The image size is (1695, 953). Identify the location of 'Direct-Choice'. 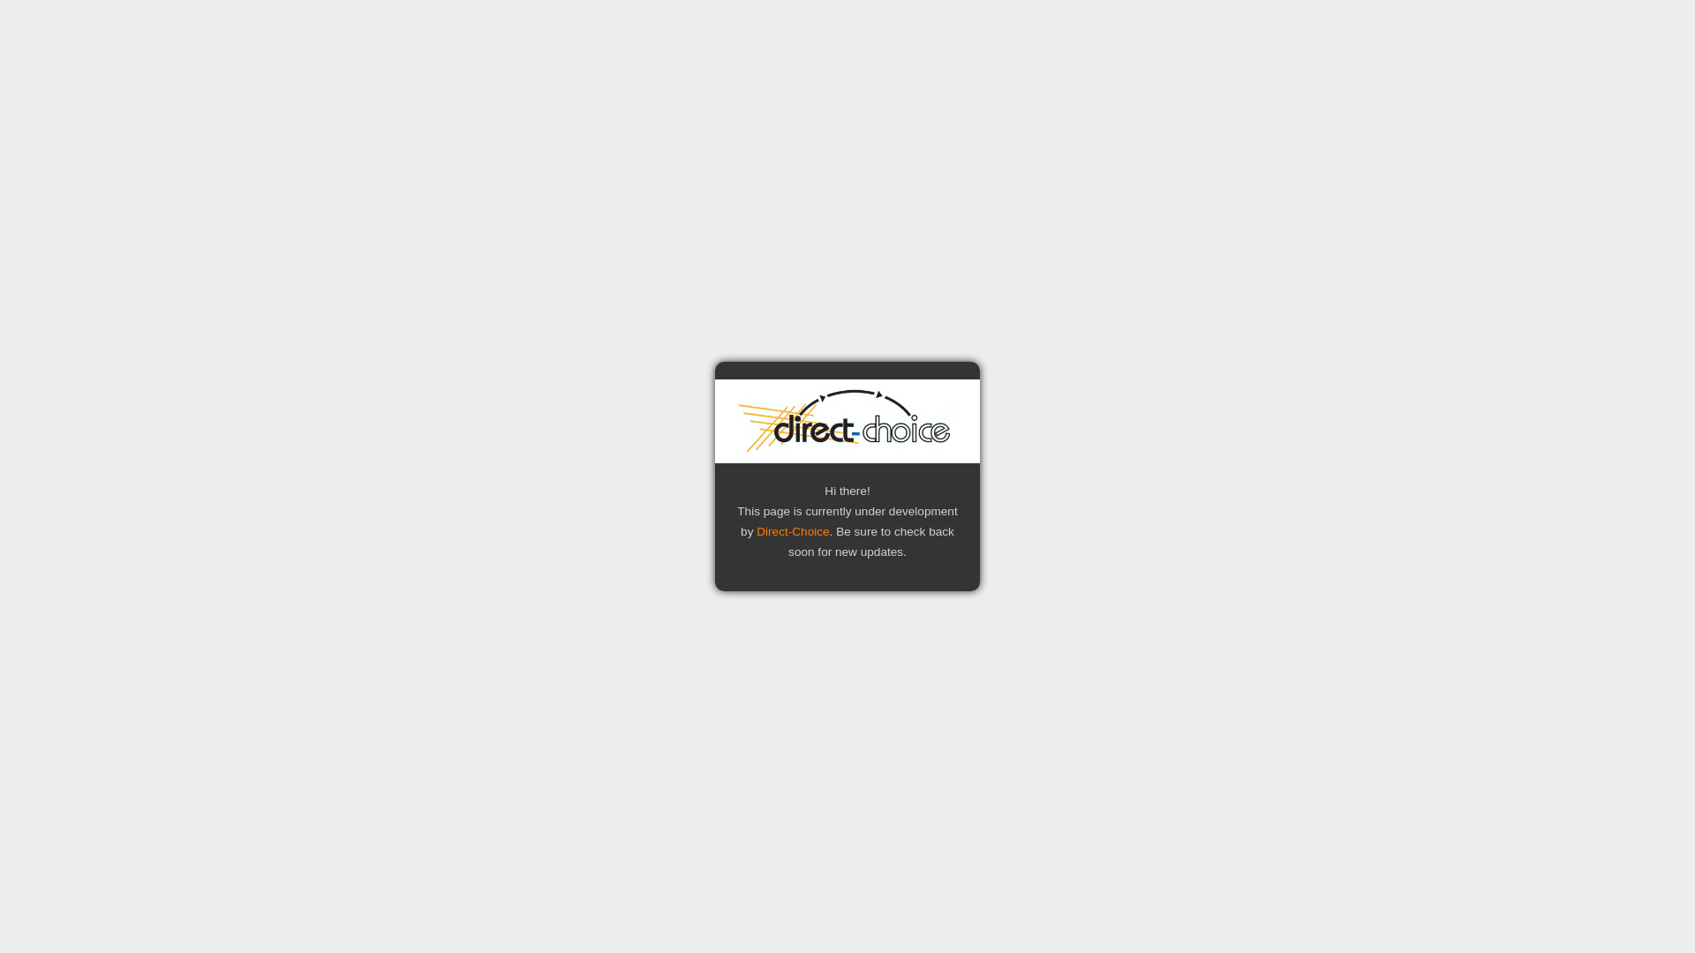
(791, 530).